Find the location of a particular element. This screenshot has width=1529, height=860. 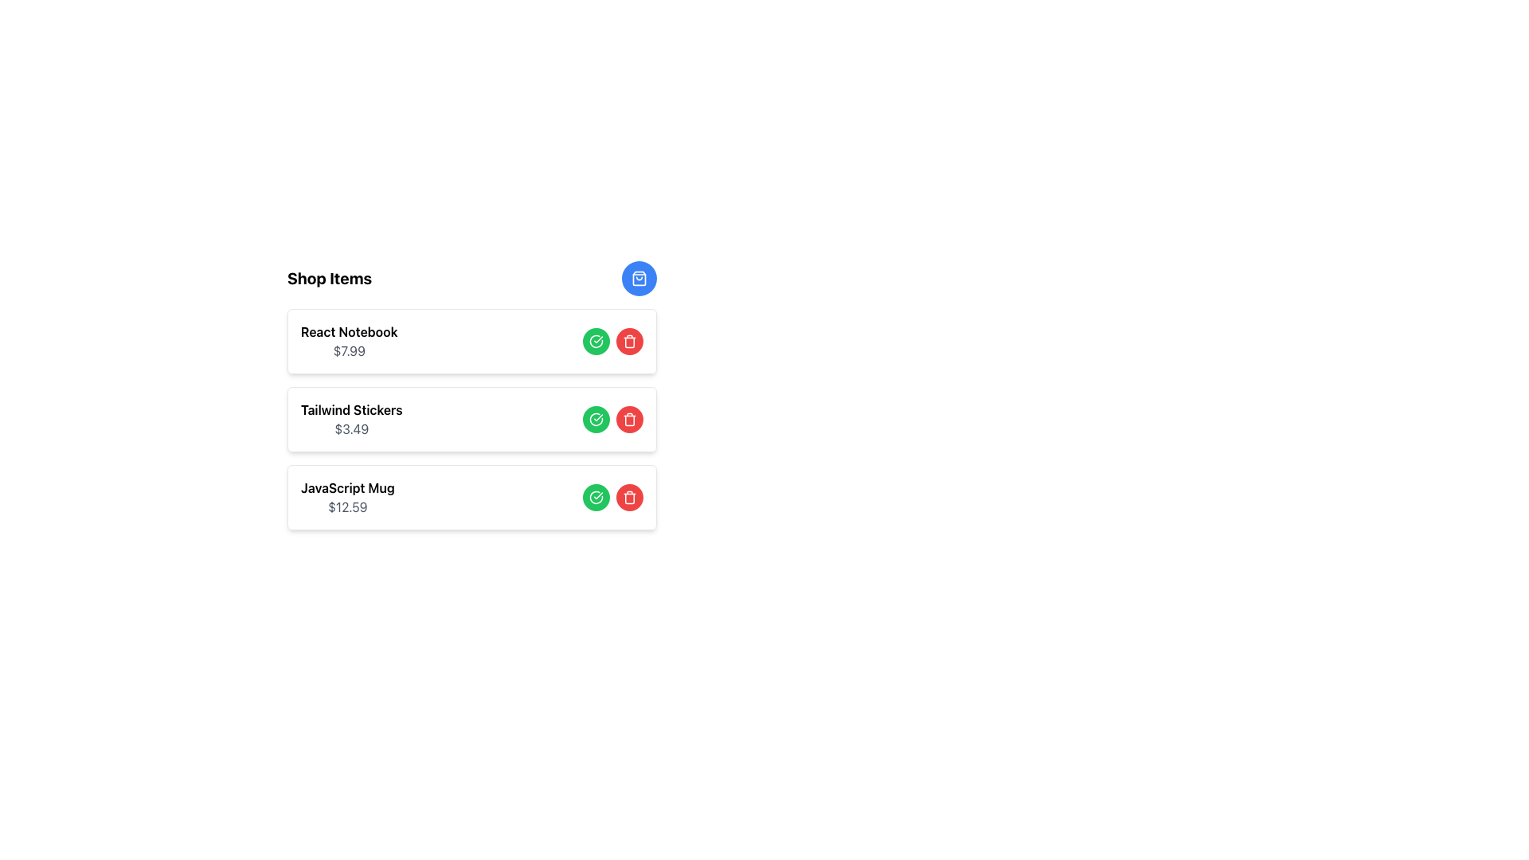

price text displayed for the 'React Notebook' item, which is located directly under the label in the shop list is located at coordinates (348, 350).